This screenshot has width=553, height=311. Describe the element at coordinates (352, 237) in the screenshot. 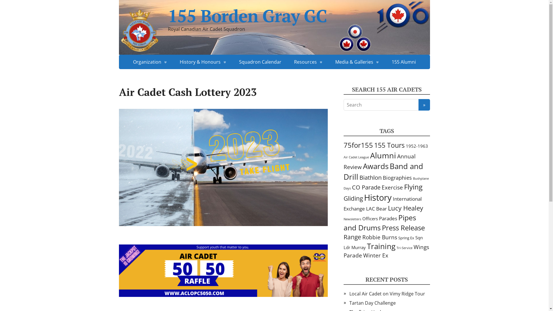

I see `'Range'` at that location.